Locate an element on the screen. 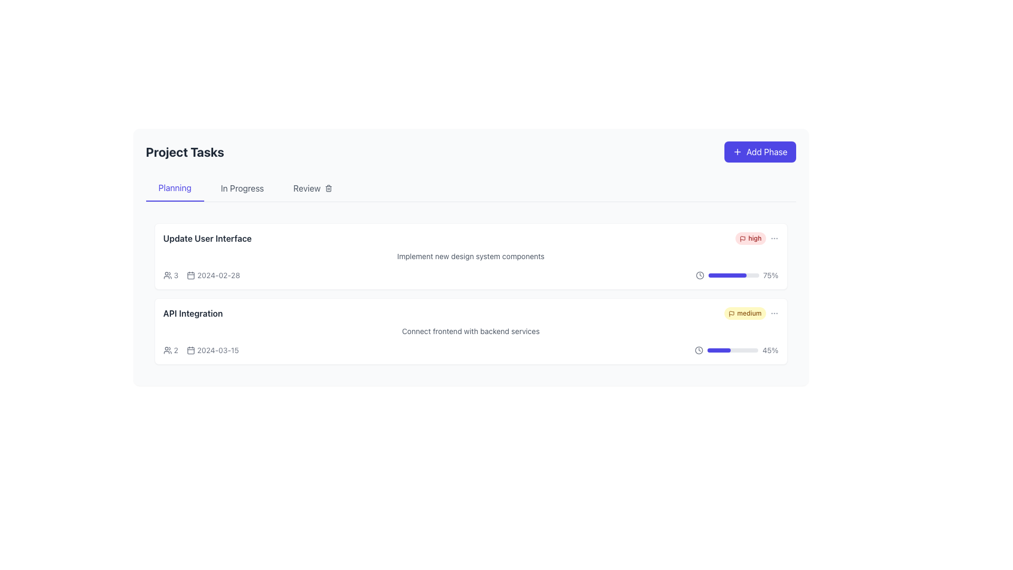 This screenshot has height=570, width=1013. the text element displaying the number '3' next to the user group icon within the 'Update User Interface' task section under the 'Planning' tab is located at coordinates (176, 274).